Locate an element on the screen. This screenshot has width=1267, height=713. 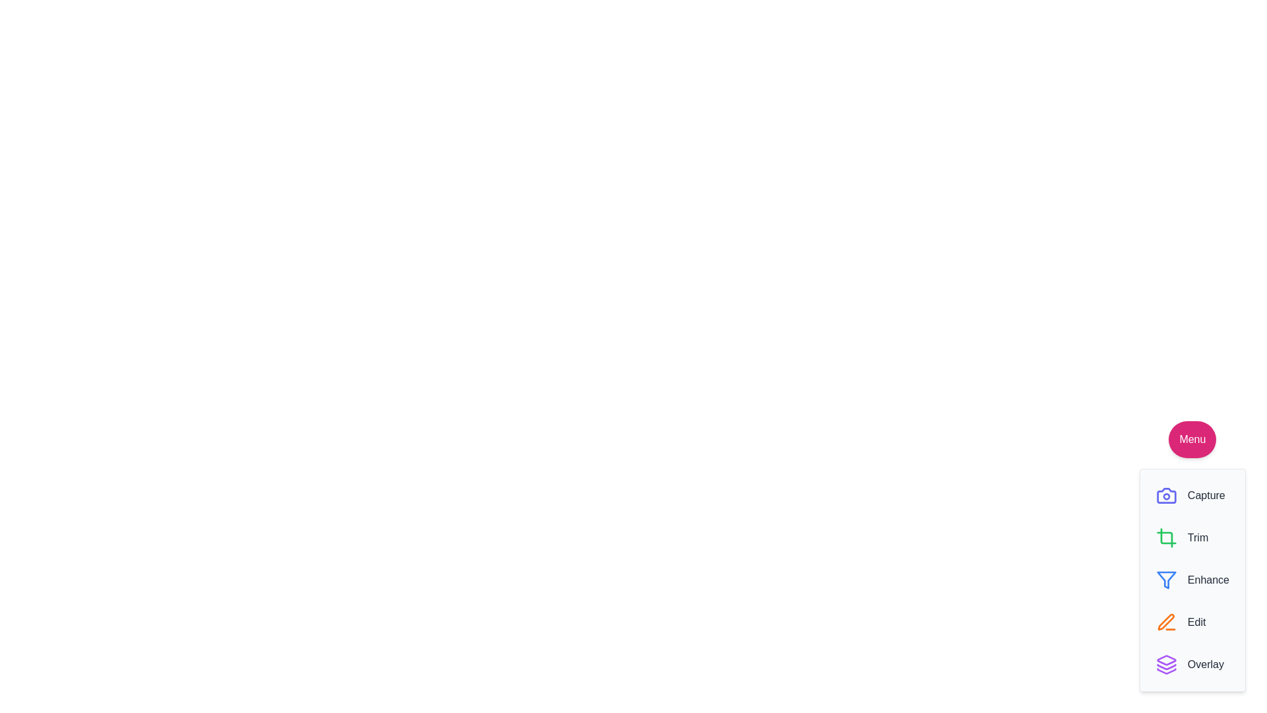
the 'Enhance' button in the menu is located at coordinates (1192, 580).